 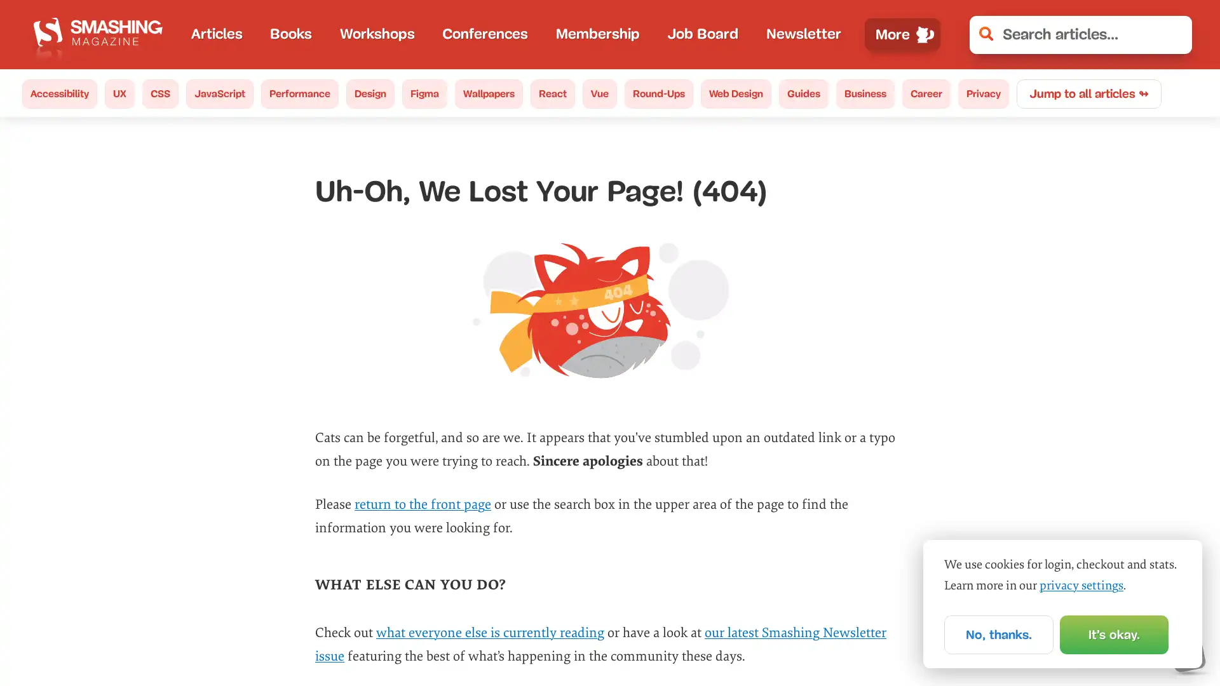 What do you see at coordinates (1113, 635) in the screenshot?
I see `Its okay.` at bounding box center [1113, 635].